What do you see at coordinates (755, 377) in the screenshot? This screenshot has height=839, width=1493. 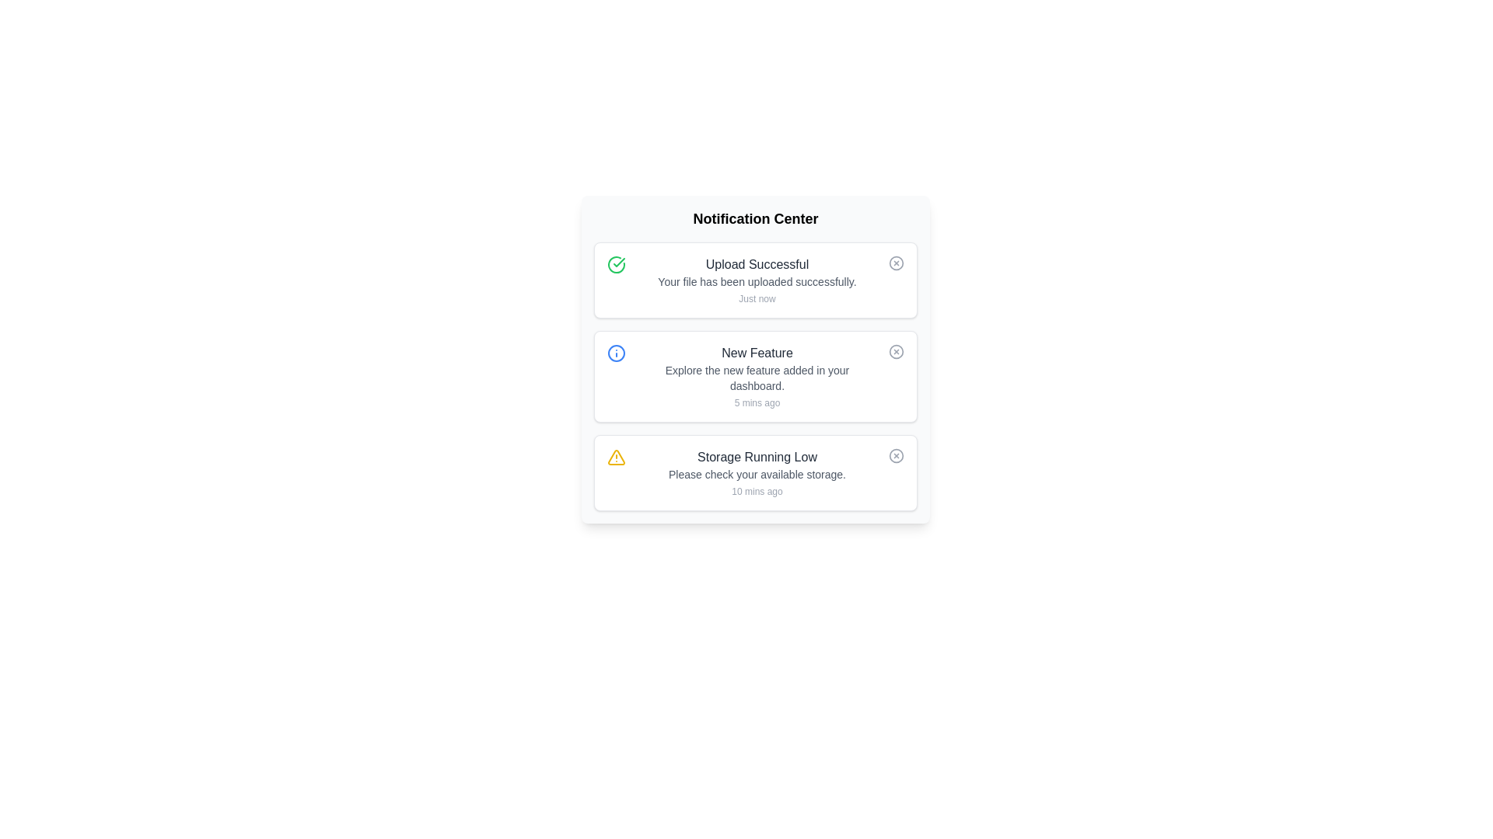 I see `the second notification item within the Notification Card, which is positioned between 'Upload Successful' and 'Storage Running Low'` at bounding box center [755, 377].